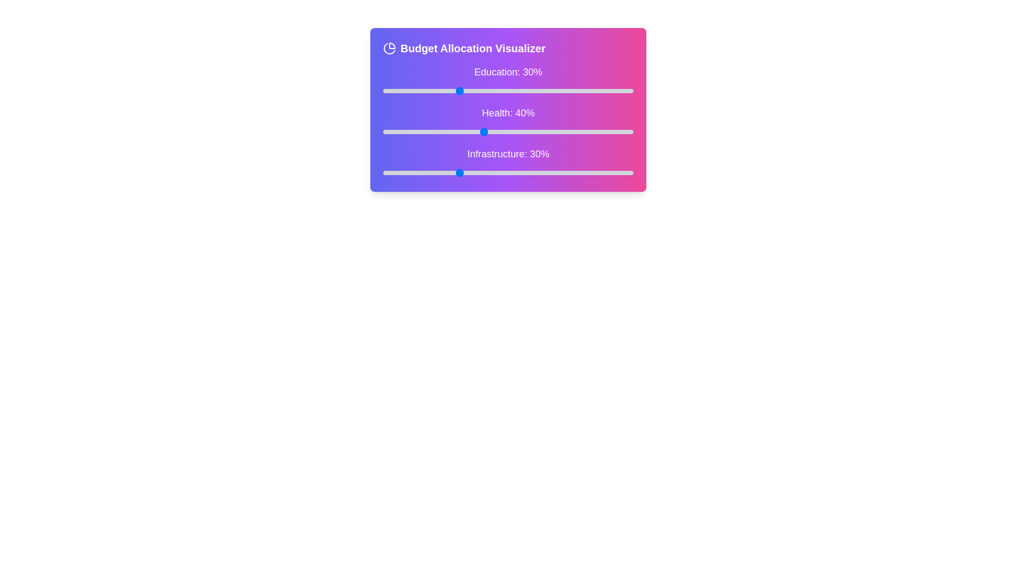 This screenshot has height=582, width=1035. What do you see at coordinates (585, 172) in the screenshot?
I see `'Infrastructure' percentage` at bounding box center [585, 172].